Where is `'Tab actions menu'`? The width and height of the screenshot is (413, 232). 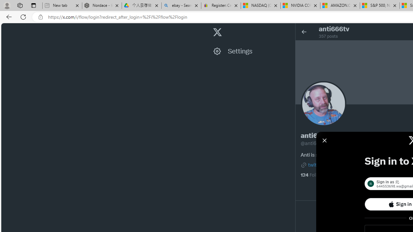
'Tab actions menu' is located at coordinates (33, 5).